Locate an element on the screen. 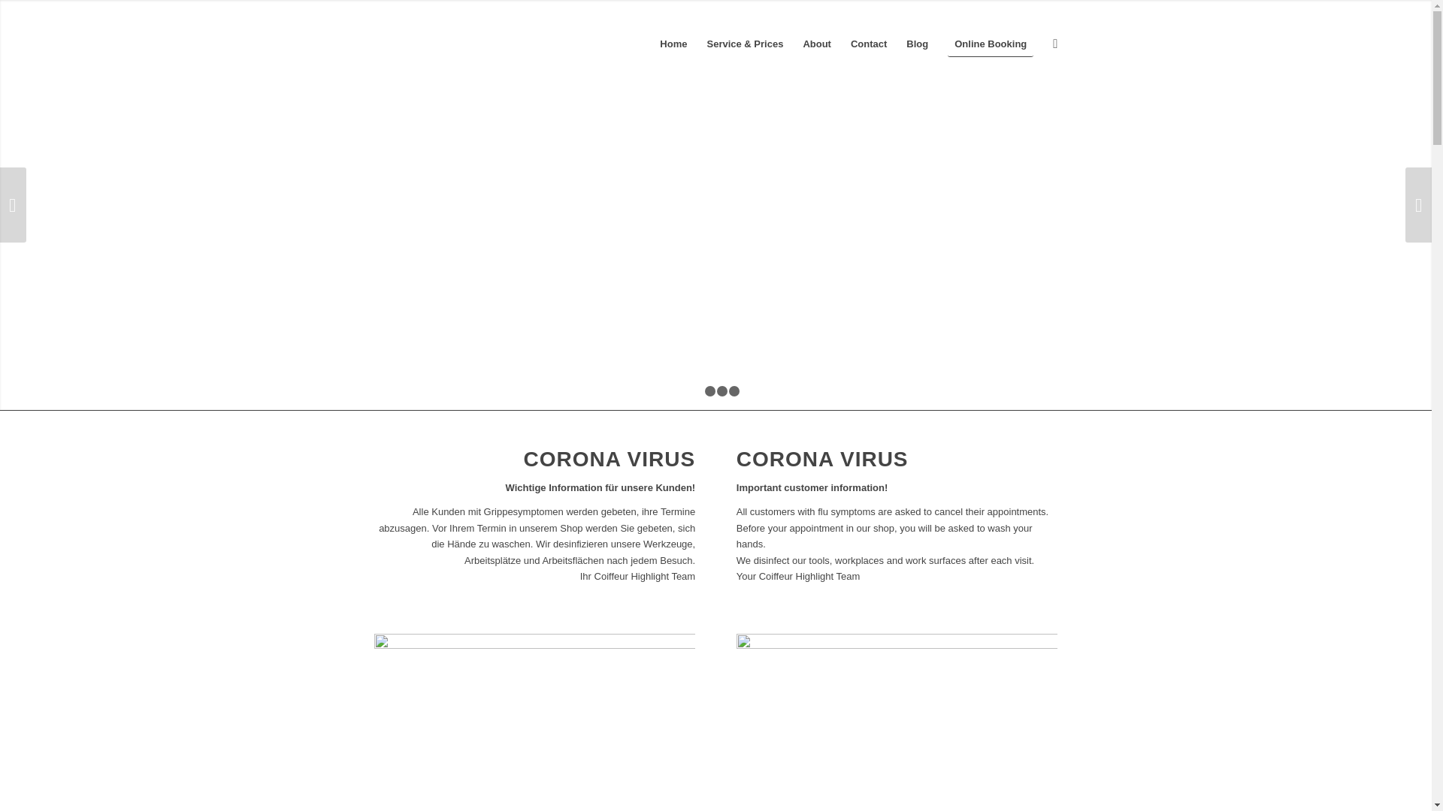 This screenshot has height=811, width=1443. 'About' is located at coordinates (815, 43).